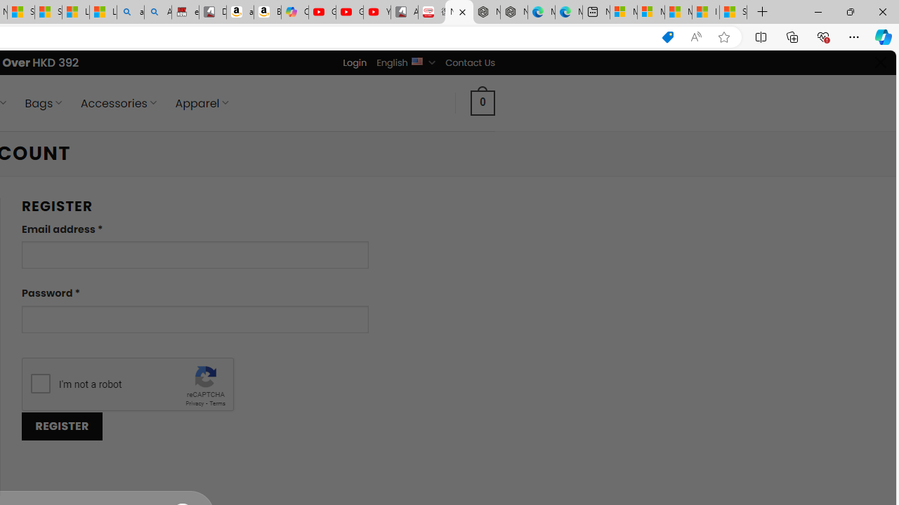 The height and width of the screenshot is (505, 899). What do you see at coordinates (483, 102) in the screenshot?
I see `'  0  '` at bounding box center [483, 102].